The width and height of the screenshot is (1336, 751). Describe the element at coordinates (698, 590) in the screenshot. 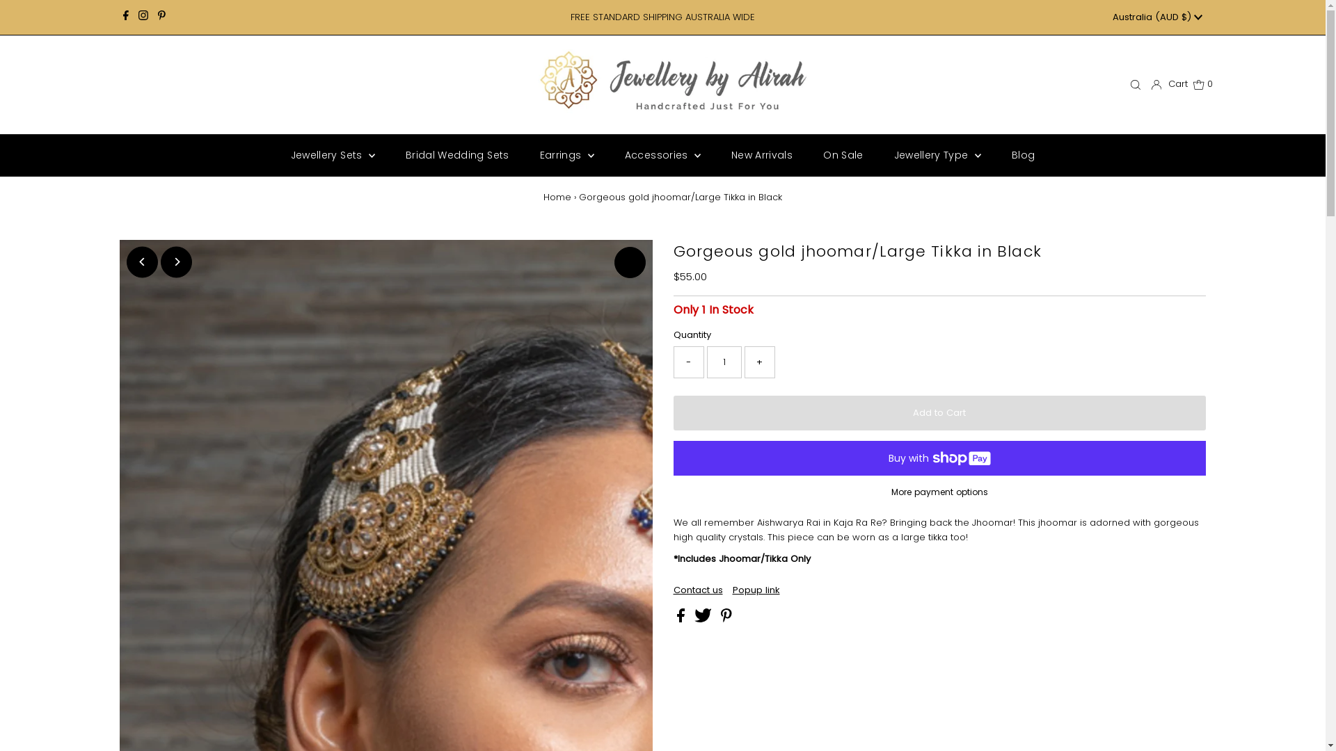

I see `'Contact us'` at that location.